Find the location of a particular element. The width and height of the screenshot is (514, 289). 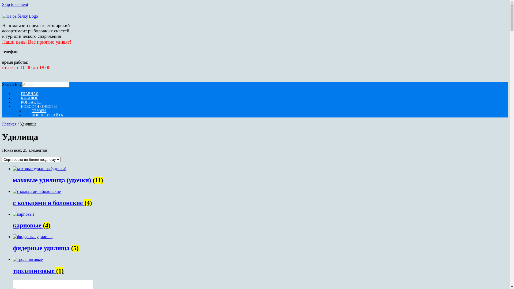

'Skip to content' is located at coordinates (15, 4).